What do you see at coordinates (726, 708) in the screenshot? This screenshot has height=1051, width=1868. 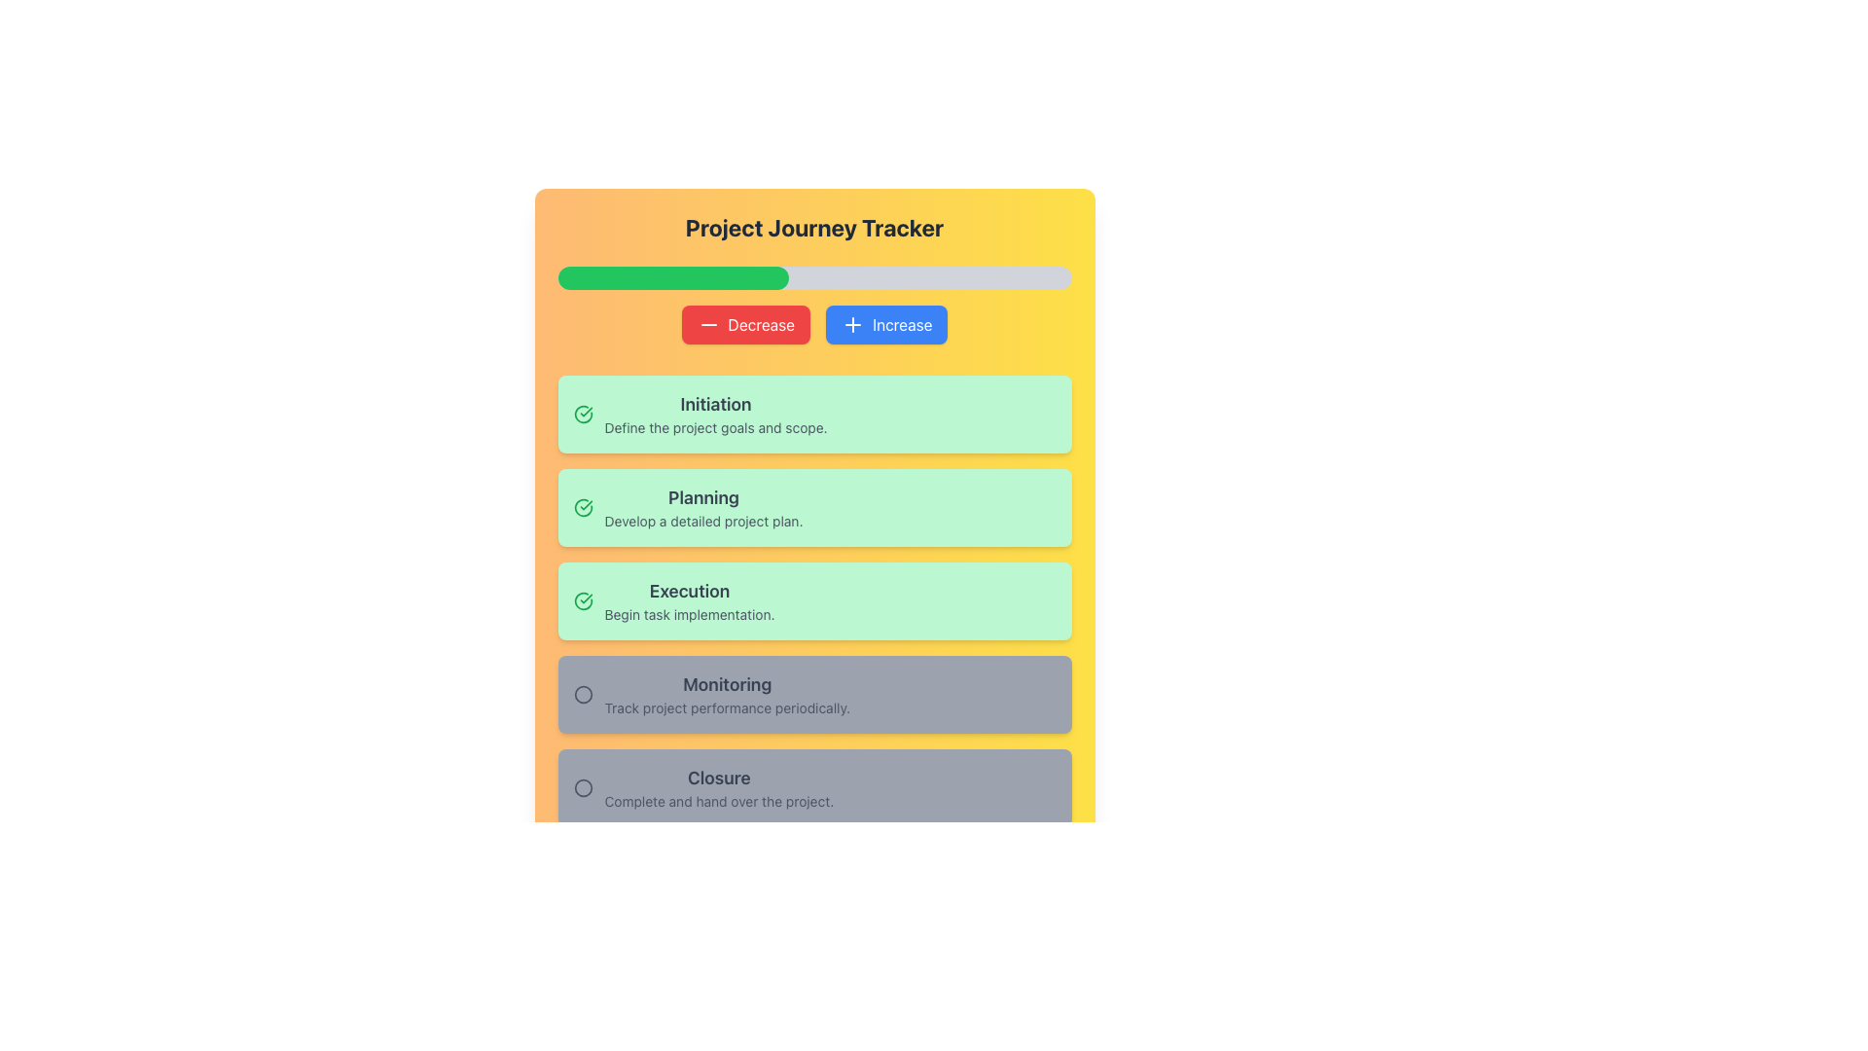 I see `text label providing additional information about the 'Monitoring' section, which is located below the title 'Monitoring' within a gray rectangular section in the project tracker interface` at bounding box center [726, 708].